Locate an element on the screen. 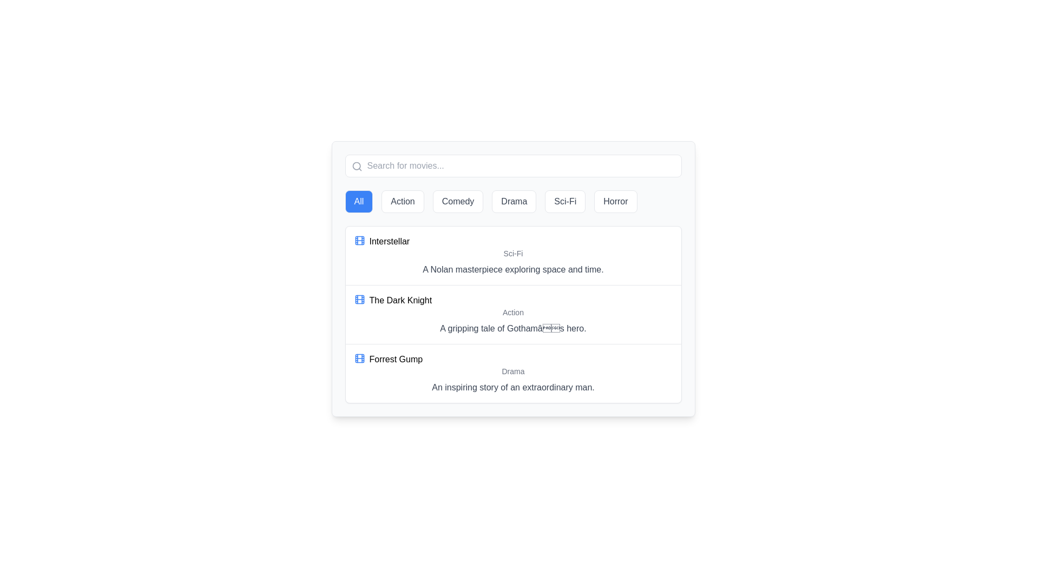 The width and height of the screenshot is (1039, 584). text label containing the description 'A Nolan masterpiece exploring space and time.' located below the genre 'Sci-Fi' in the movie listing for 'Interstellar.' is located at coordinates (512, 269).